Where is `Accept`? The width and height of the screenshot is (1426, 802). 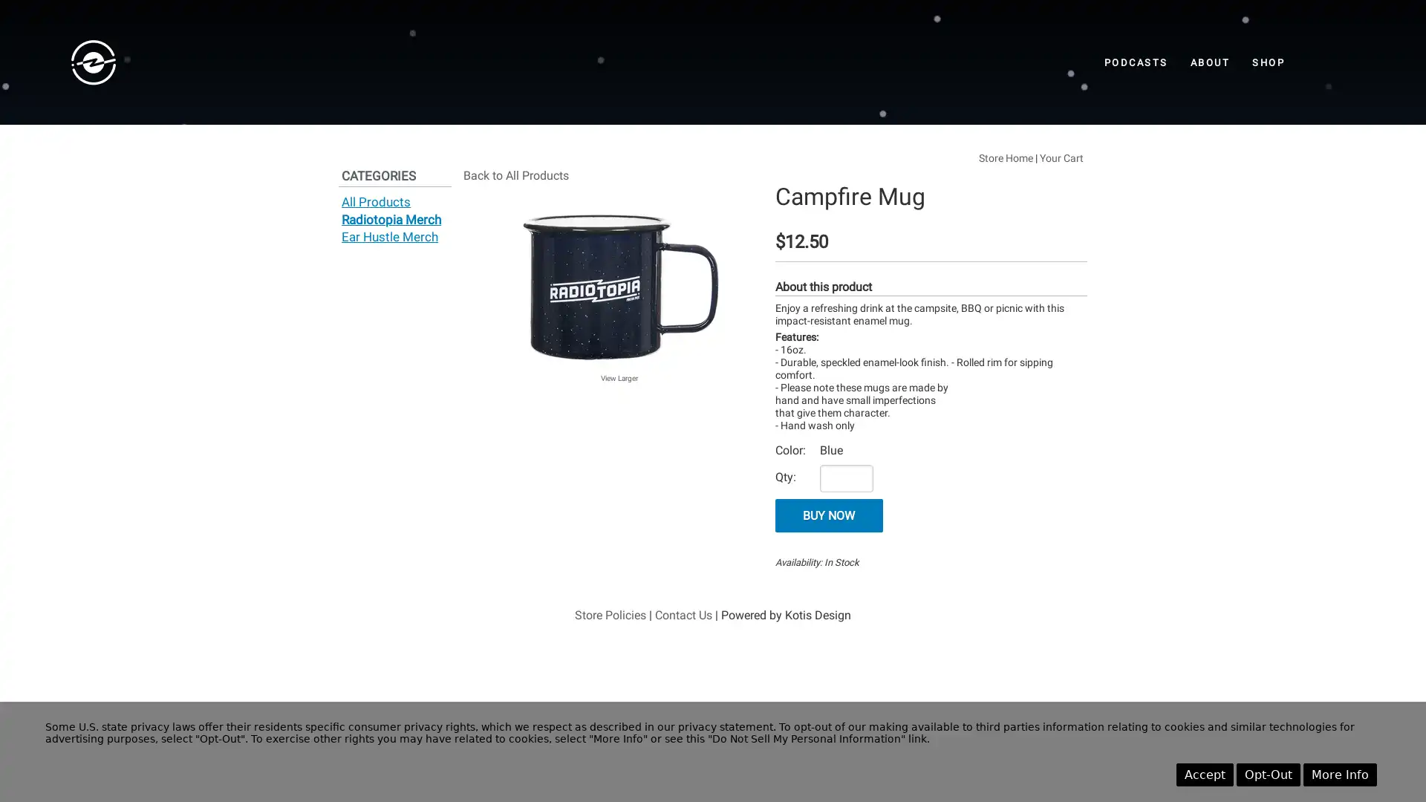
Accept is located at coordinates (1205, 774).